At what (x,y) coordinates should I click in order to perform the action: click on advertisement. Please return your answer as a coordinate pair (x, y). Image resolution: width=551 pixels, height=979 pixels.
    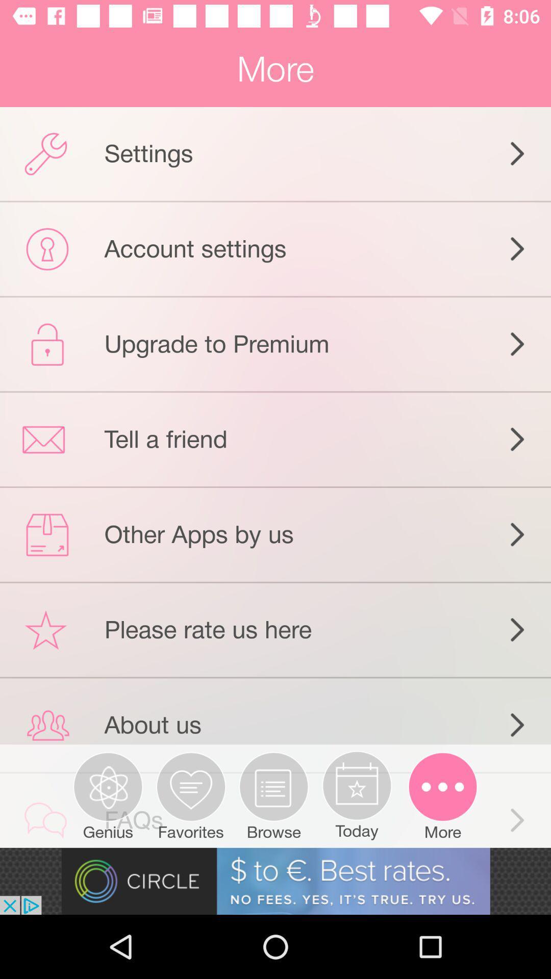
    Looking at the image, I should click on (275, 881).